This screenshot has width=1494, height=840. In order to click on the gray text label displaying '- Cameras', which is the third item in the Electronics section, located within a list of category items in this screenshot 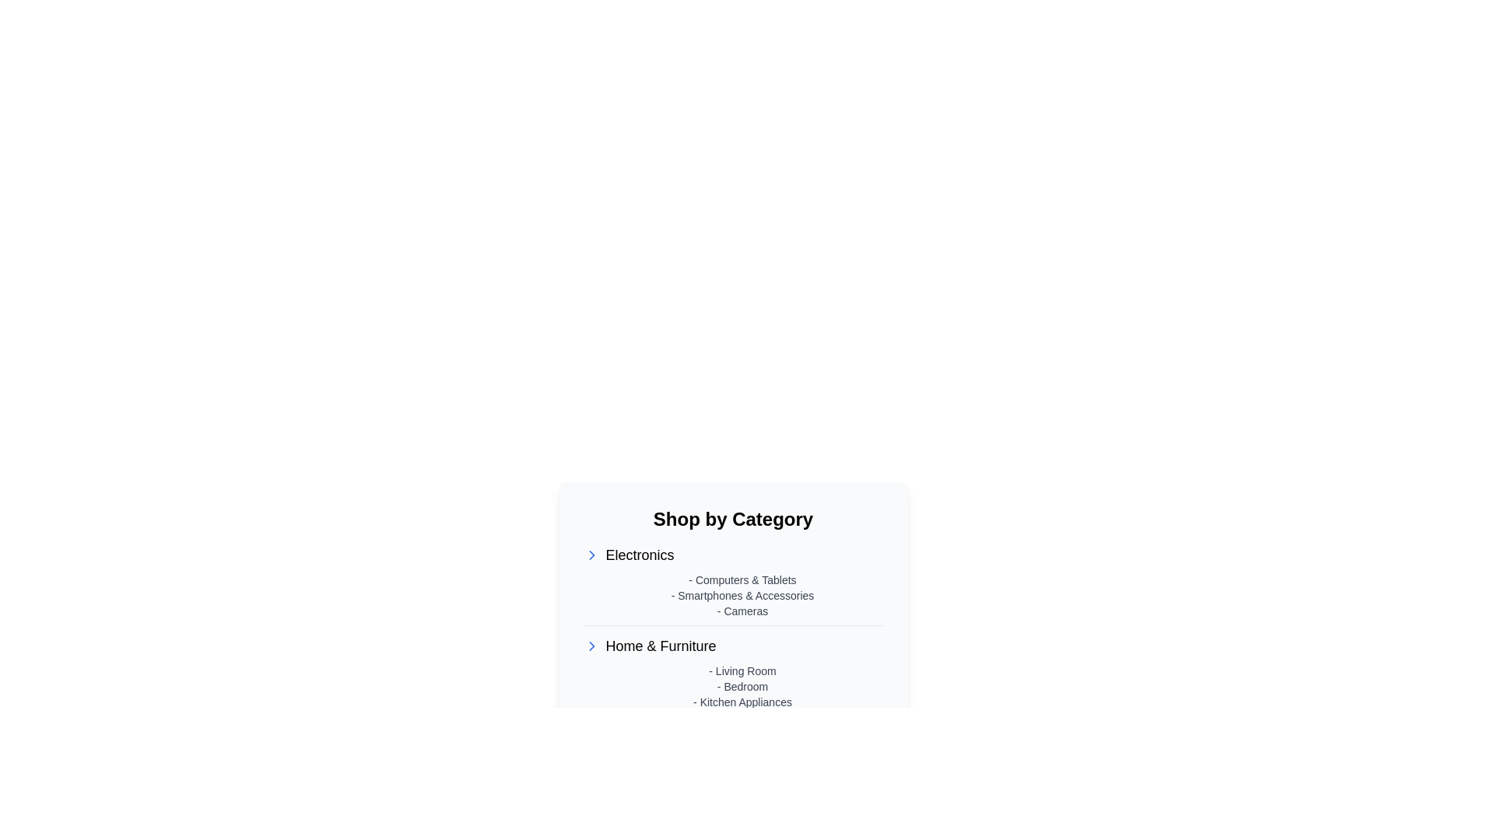, I will do `click(742, 611)`.